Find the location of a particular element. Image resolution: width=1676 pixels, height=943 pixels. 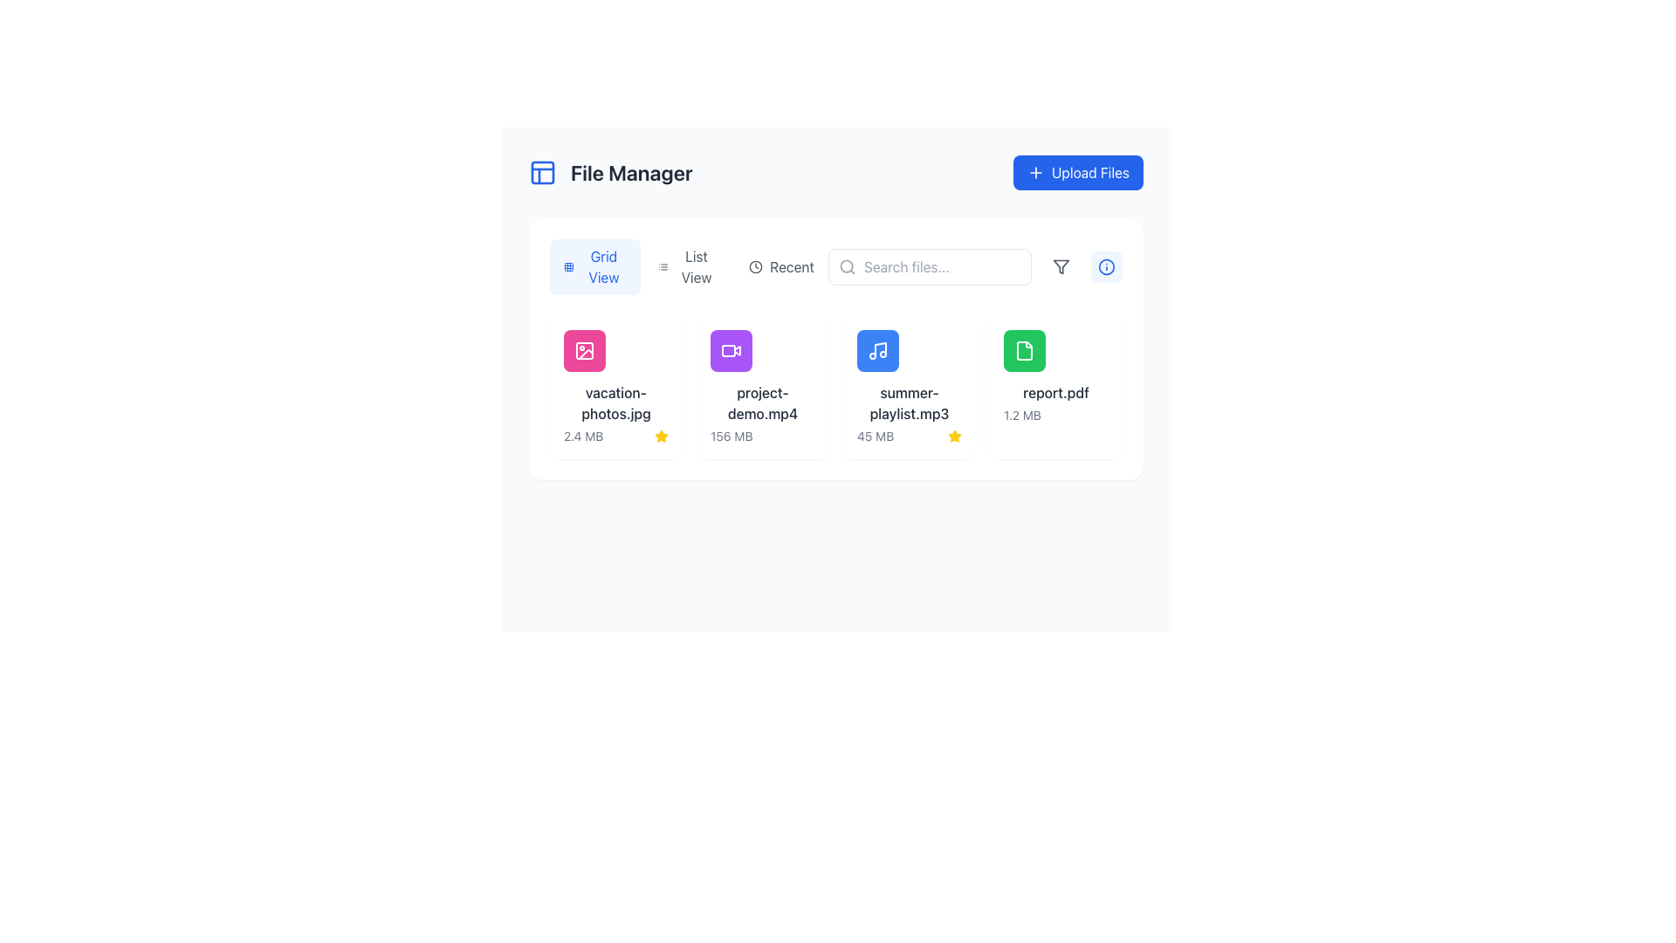

the action bar located at the bottom area of the card representing the file named 'vacation-photos.jpg' is located at coordinates (615, 433).